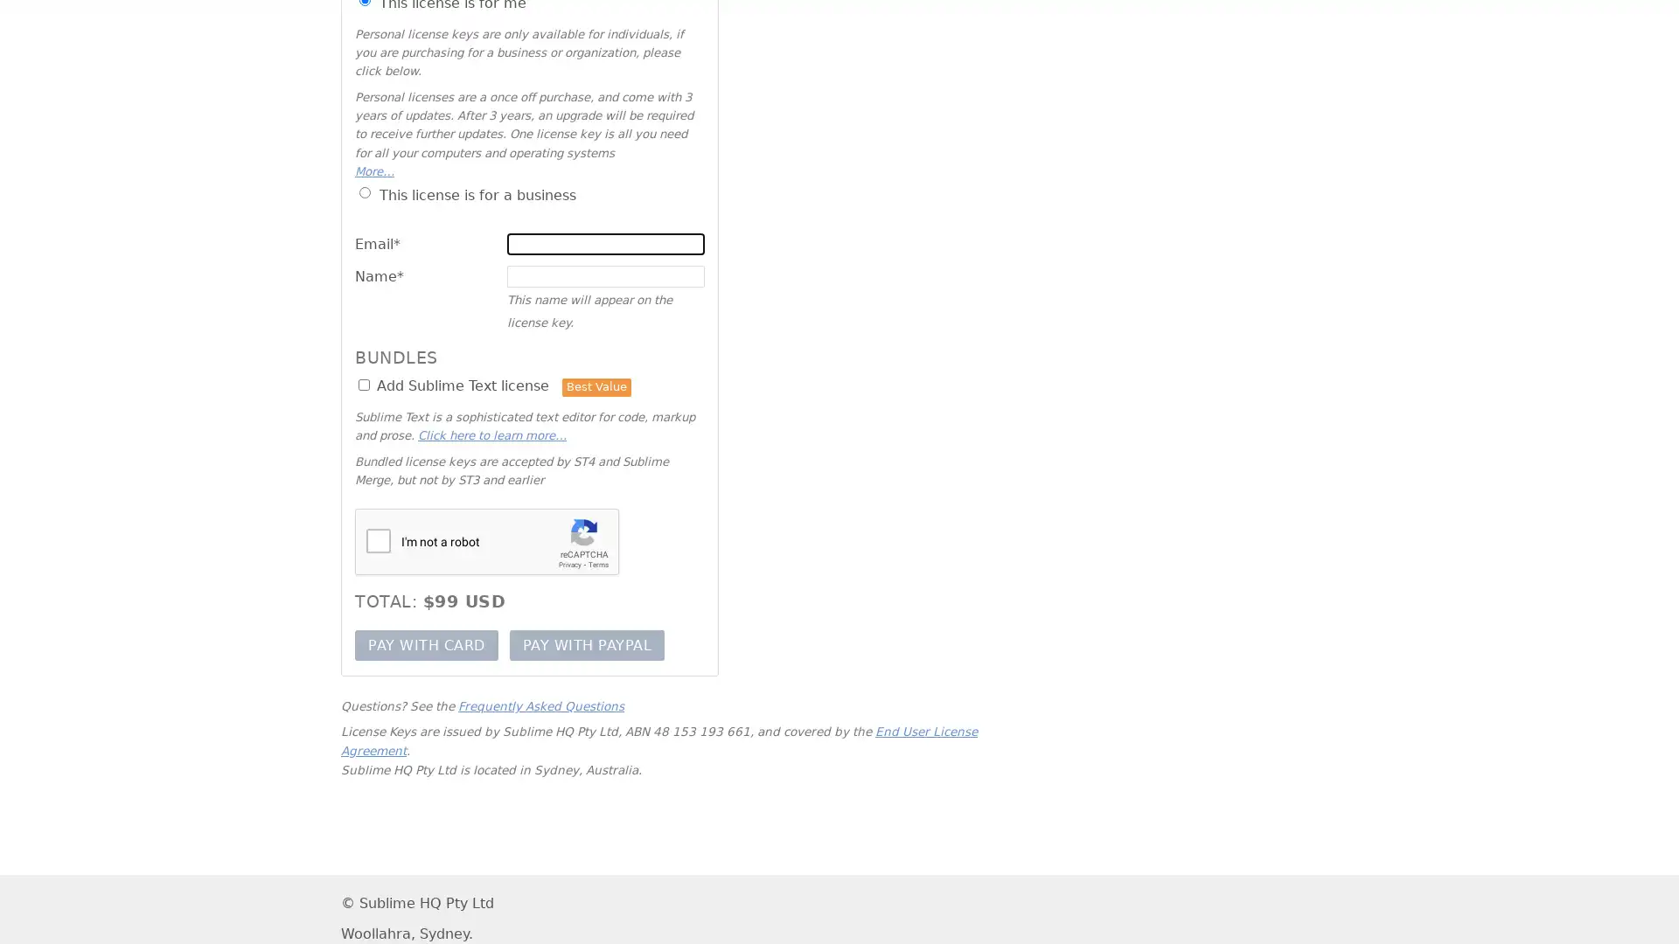  I want to click on PAY WITH CARD, so click(426, 644).